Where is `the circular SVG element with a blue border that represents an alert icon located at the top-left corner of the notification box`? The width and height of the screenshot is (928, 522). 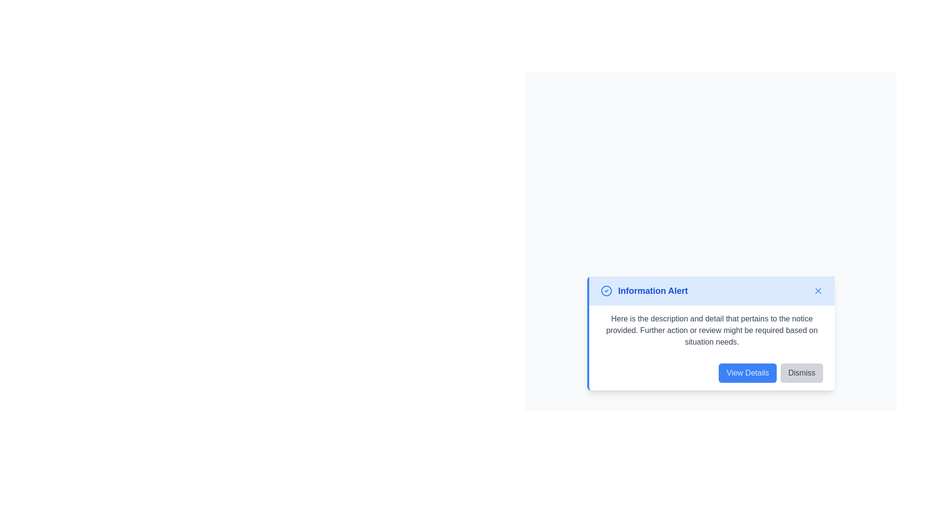
the circular SVG element with a blue border that represents an alert icon located at the top-left corner of the notification box is located at coordinates (606, 290).